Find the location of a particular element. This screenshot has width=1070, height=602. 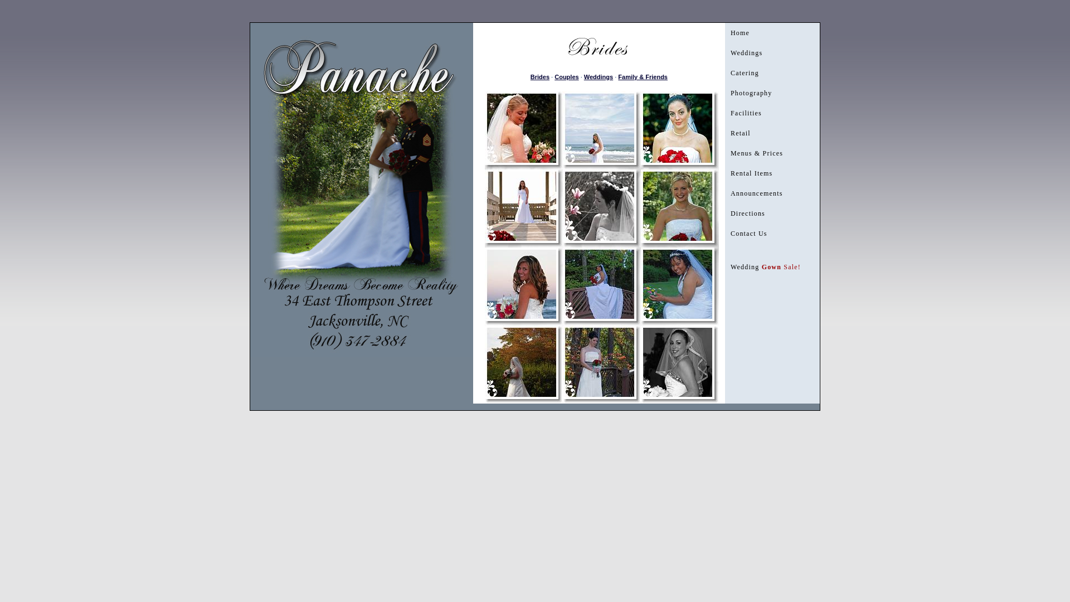

'Directions' is located at coordinates (772, 213).